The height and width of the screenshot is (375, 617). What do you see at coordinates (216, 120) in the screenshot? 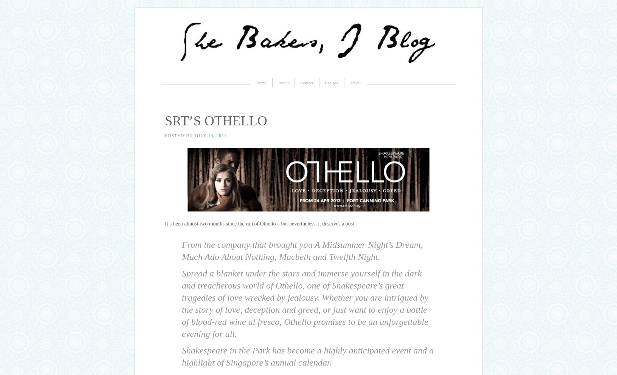
I see `'SRT’S OTHELLO'` at bounding box center [216, 120].